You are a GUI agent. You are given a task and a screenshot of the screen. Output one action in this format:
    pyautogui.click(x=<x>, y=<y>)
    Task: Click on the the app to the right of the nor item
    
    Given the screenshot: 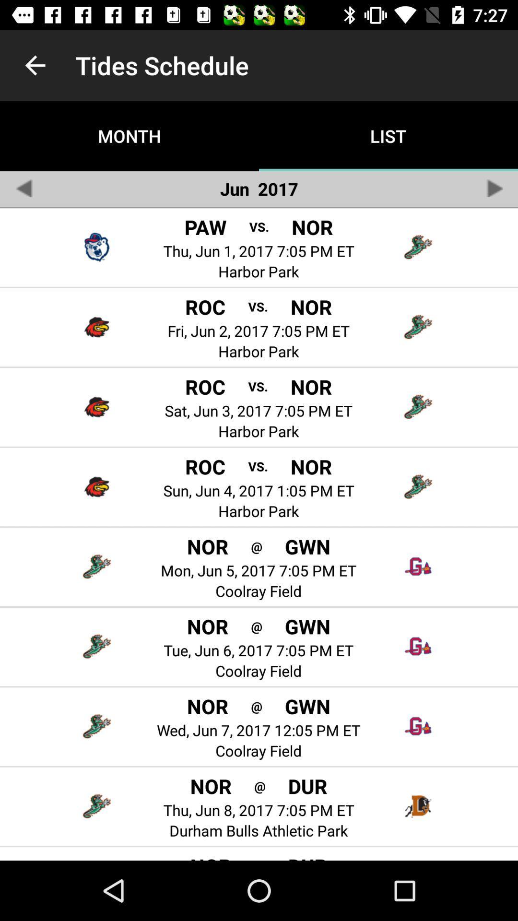 What is the action you would take?
    pyautogui.click(x=256, y=706)
    